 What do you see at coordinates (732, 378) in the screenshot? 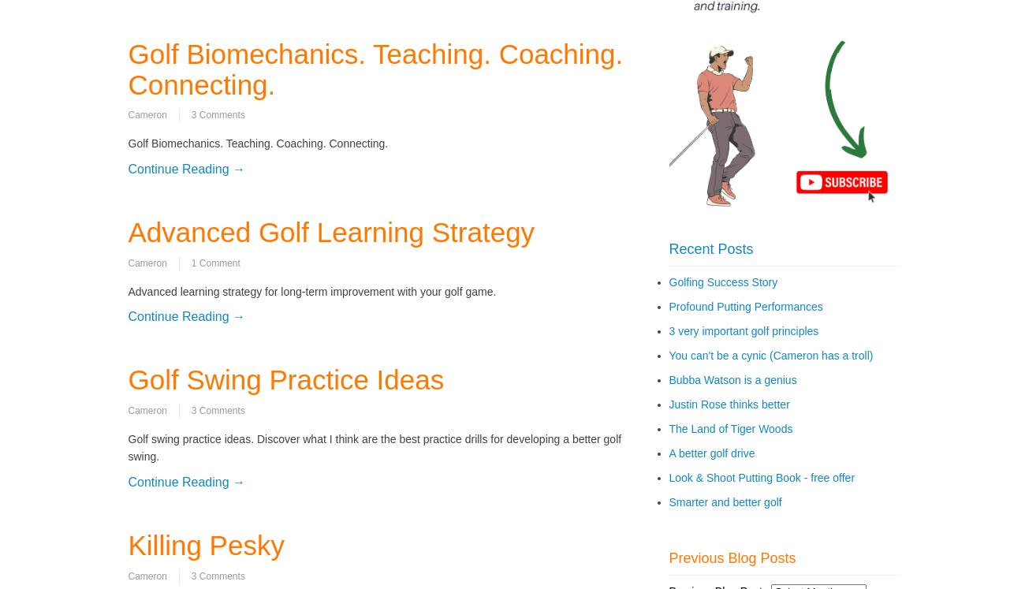
I see `'Bubba Watson is a genius'` at bounding box center [732, 378].